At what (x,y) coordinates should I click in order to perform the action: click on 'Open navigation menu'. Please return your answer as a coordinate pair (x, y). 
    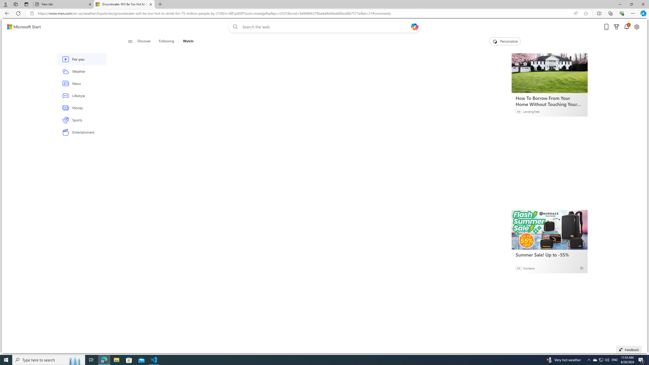
    Looking at the image, I should click on (130, 41).